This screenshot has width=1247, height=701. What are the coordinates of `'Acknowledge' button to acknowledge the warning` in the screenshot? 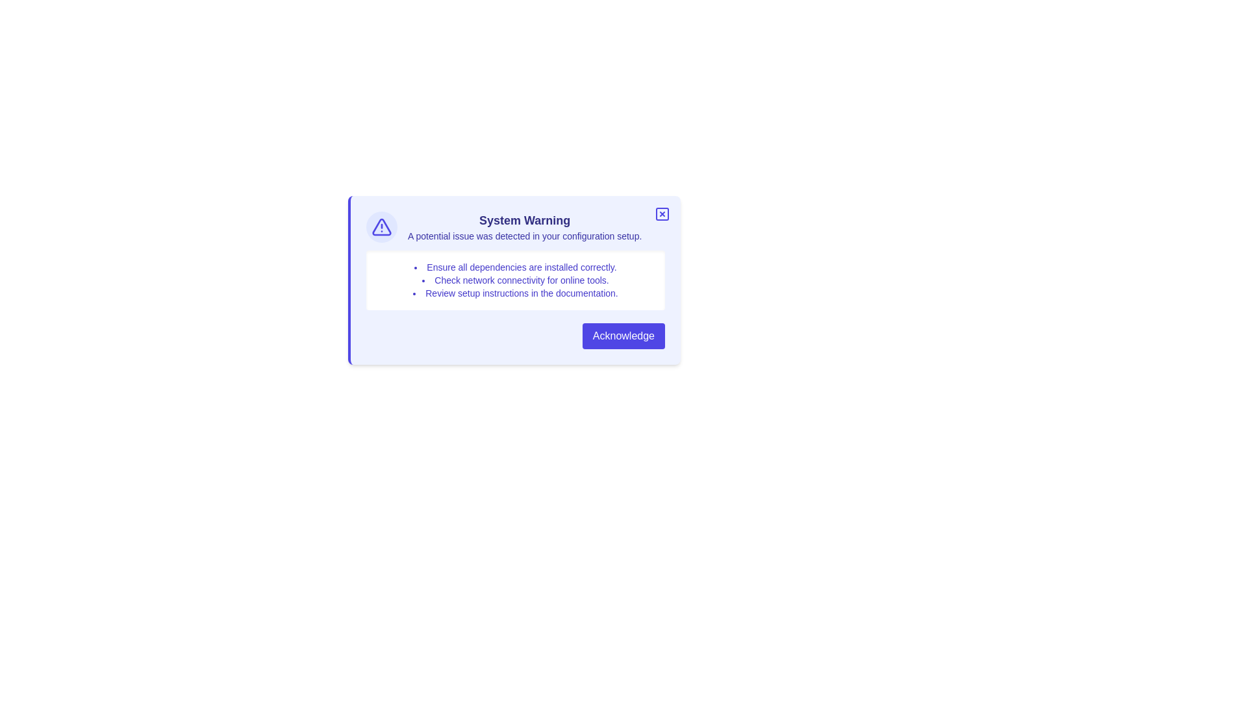 It's located at (623, 335).